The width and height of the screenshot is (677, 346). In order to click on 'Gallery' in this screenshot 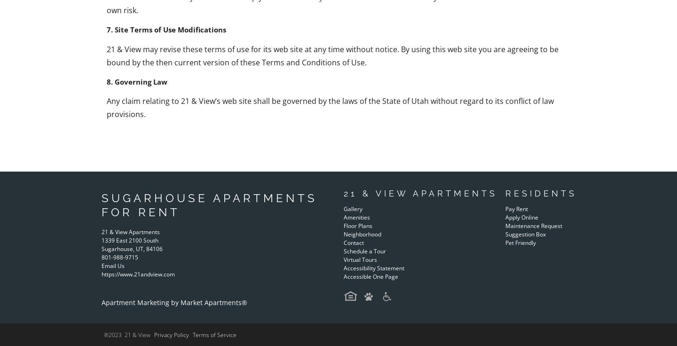, I will do `click(352, 208)`.